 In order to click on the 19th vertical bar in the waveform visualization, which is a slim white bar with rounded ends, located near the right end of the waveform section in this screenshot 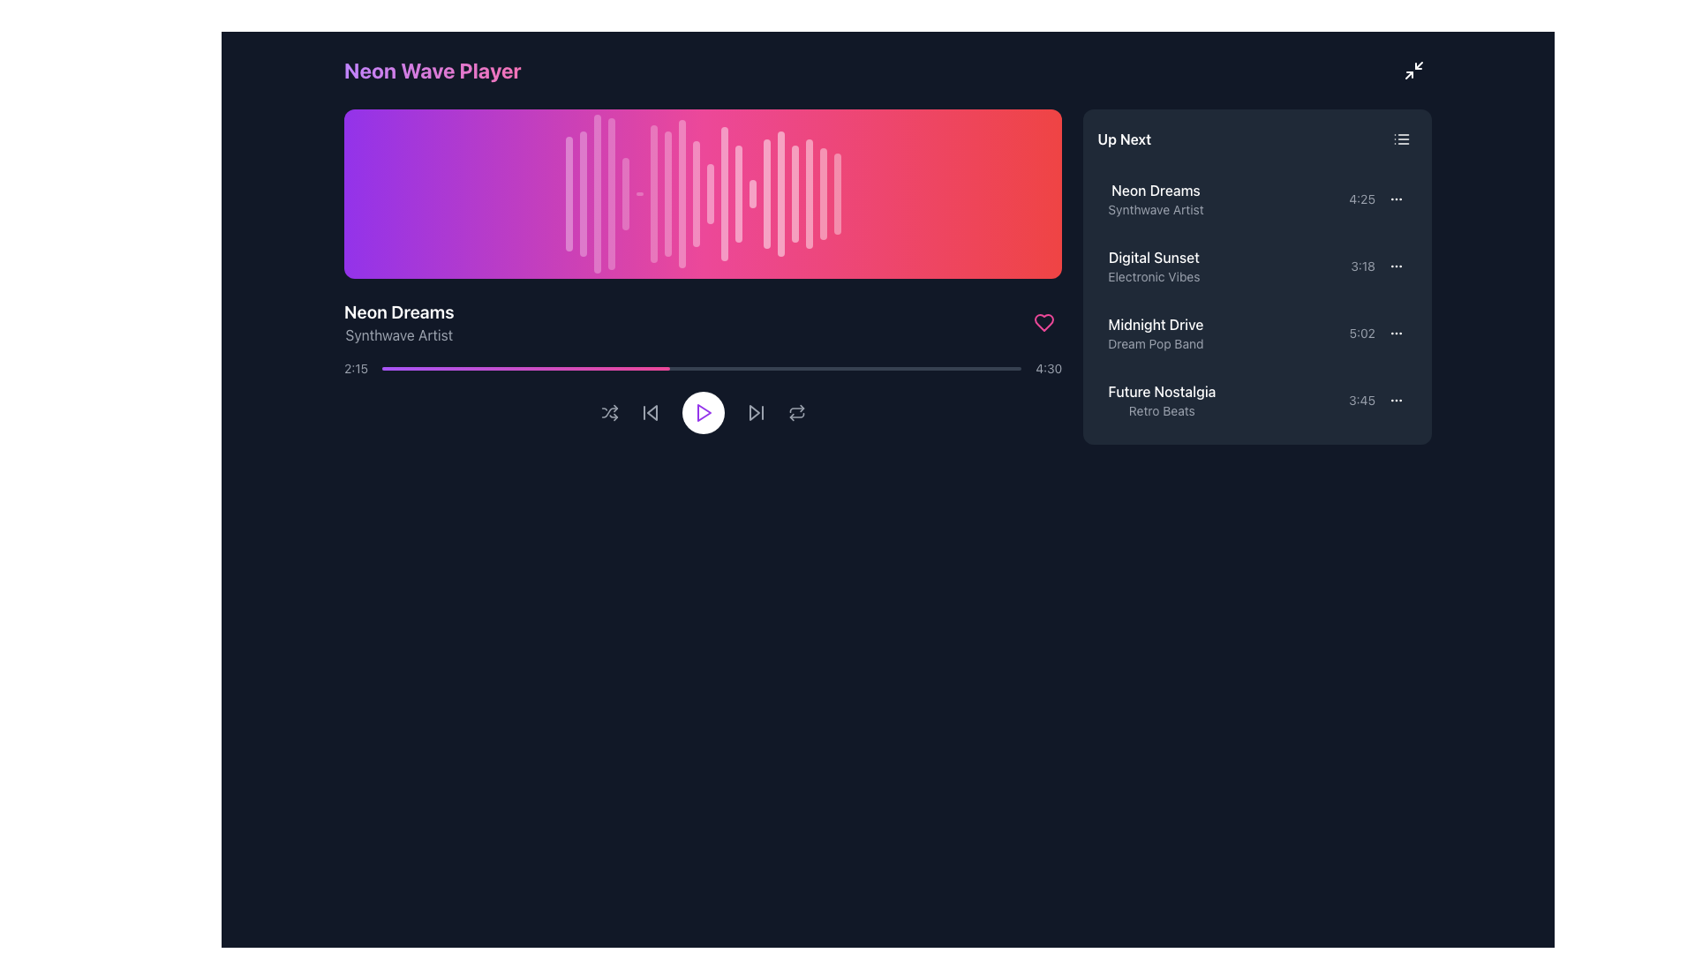, I will do `click(836, 193)`.